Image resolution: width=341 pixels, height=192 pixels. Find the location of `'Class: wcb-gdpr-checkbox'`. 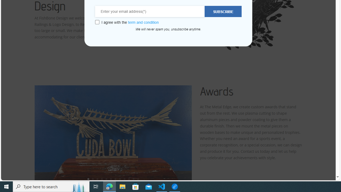

'Class: wcb-gdpr-checkbox' is located at coordinates (97, 22).